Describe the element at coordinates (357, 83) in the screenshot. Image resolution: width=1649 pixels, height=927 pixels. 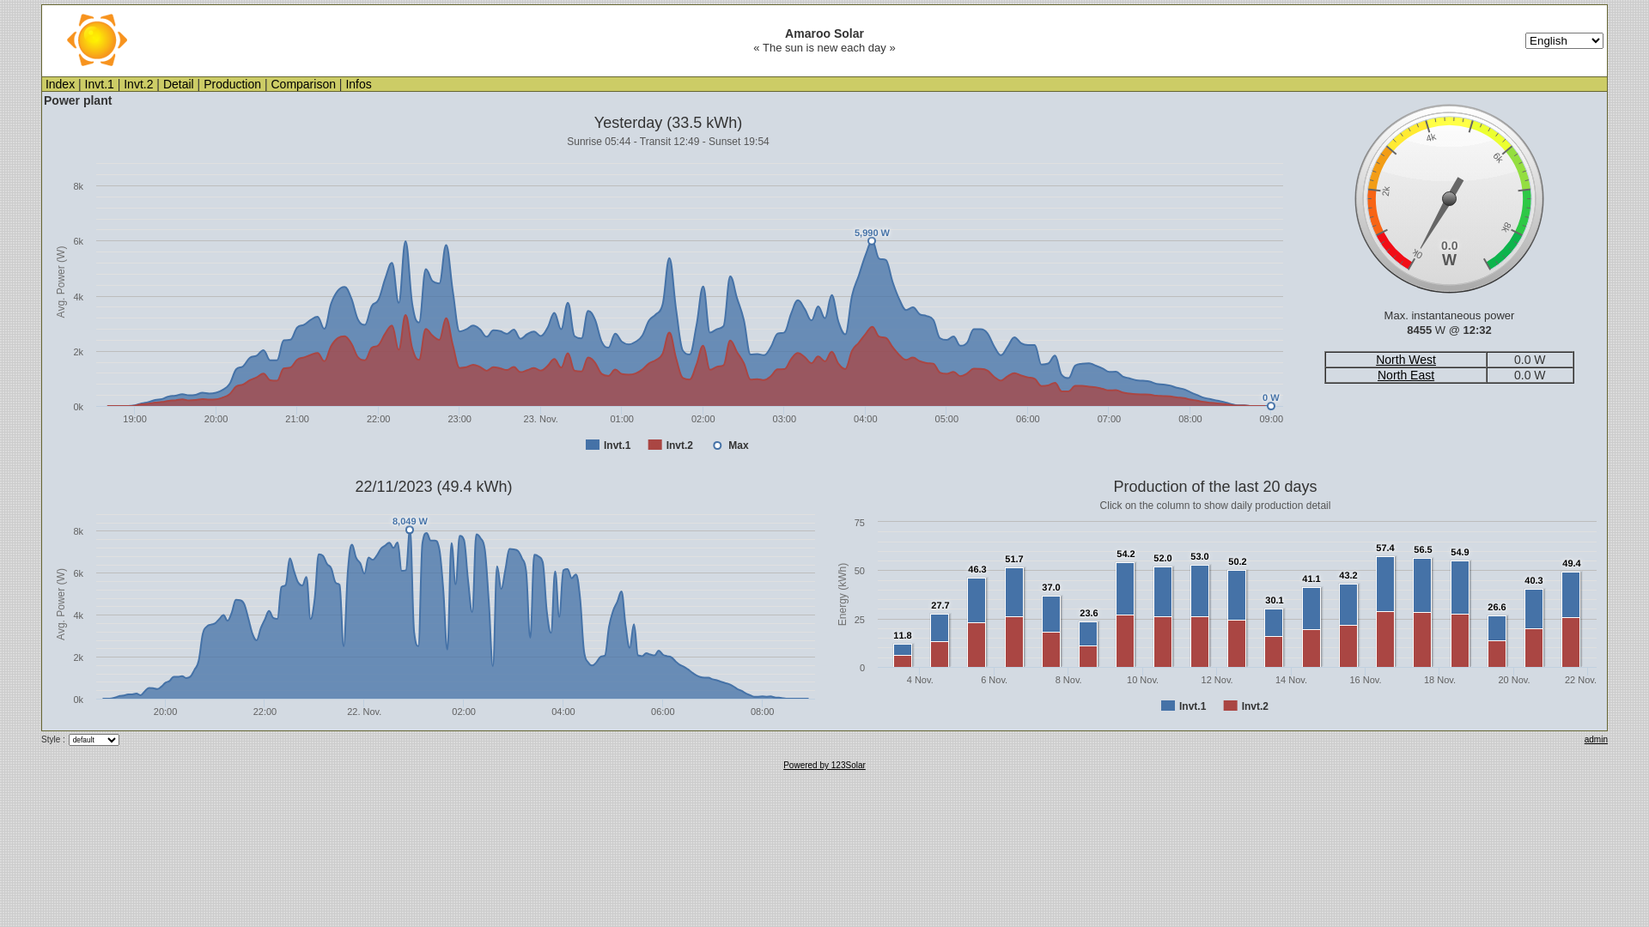
I see `'Infos'` at that location.